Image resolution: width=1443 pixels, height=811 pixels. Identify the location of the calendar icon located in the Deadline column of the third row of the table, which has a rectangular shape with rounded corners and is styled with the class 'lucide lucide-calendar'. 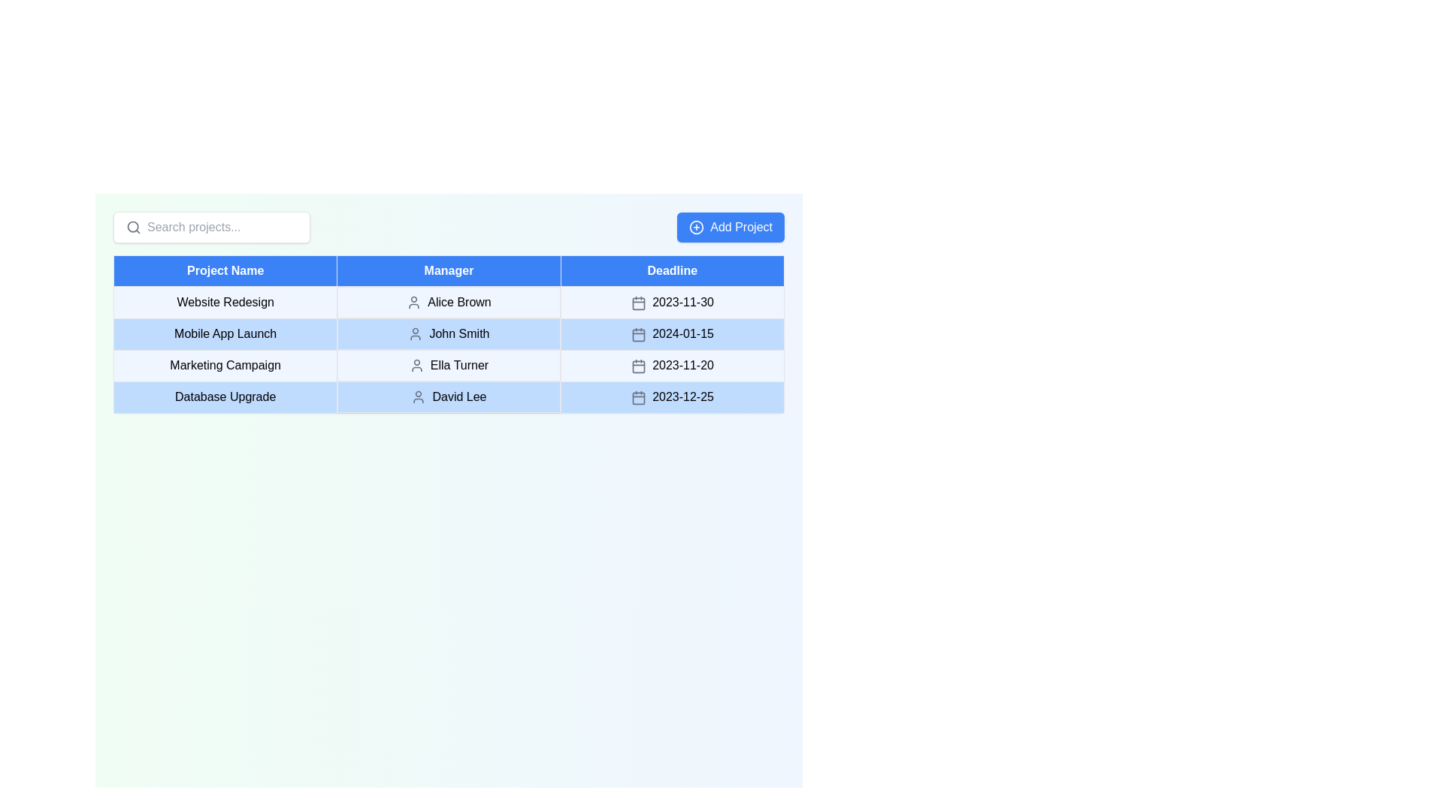
(638, 366).